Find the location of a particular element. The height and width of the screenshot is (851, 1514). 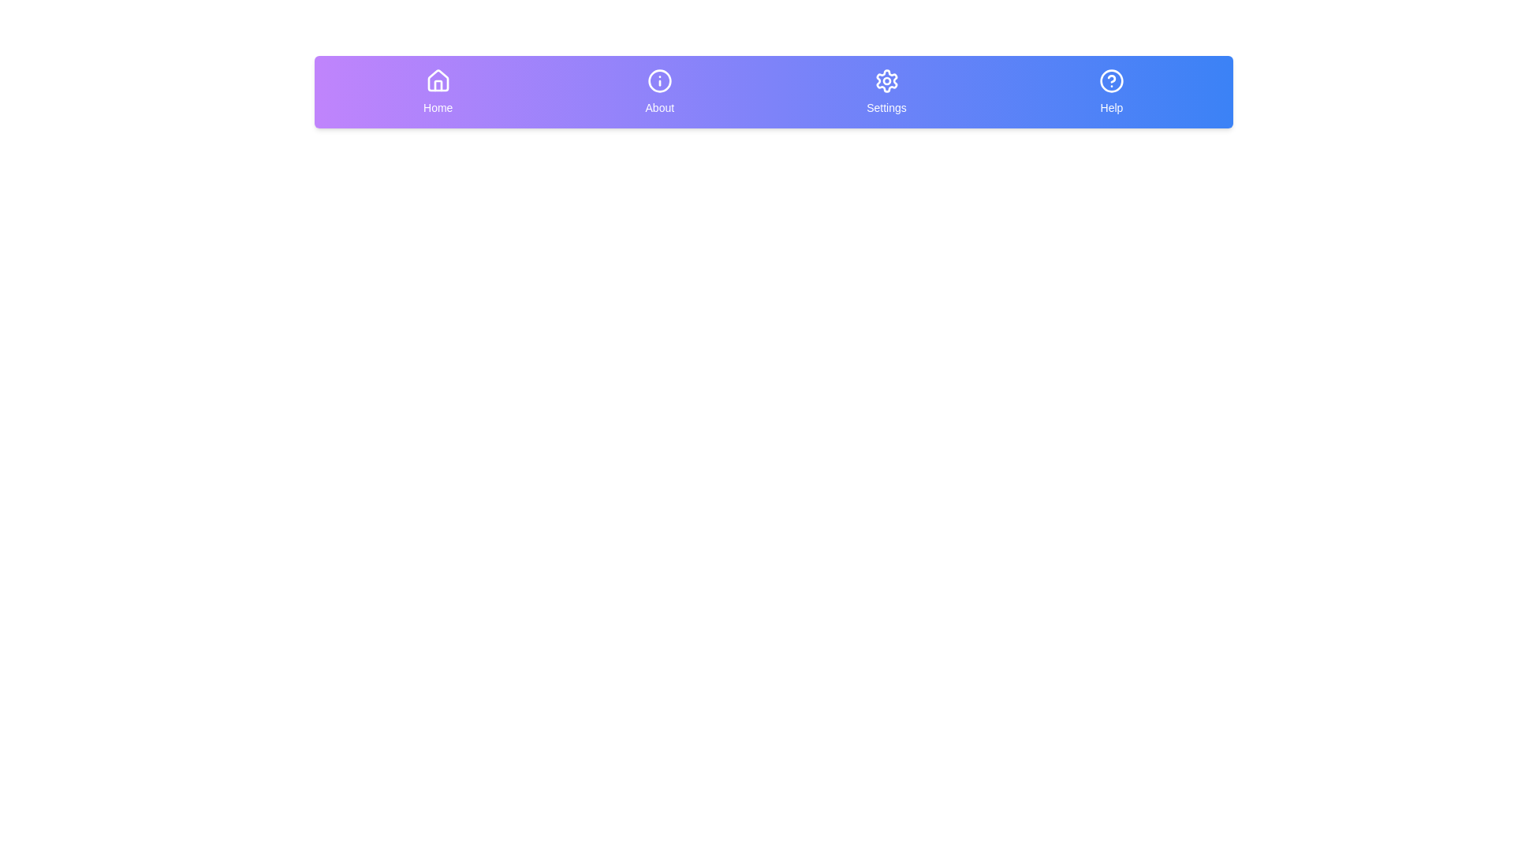

the 'Settings' icon located in the navigation bar, which is the primary visual component for accessing settings-related functionalities is located at coordinates (886, 81).